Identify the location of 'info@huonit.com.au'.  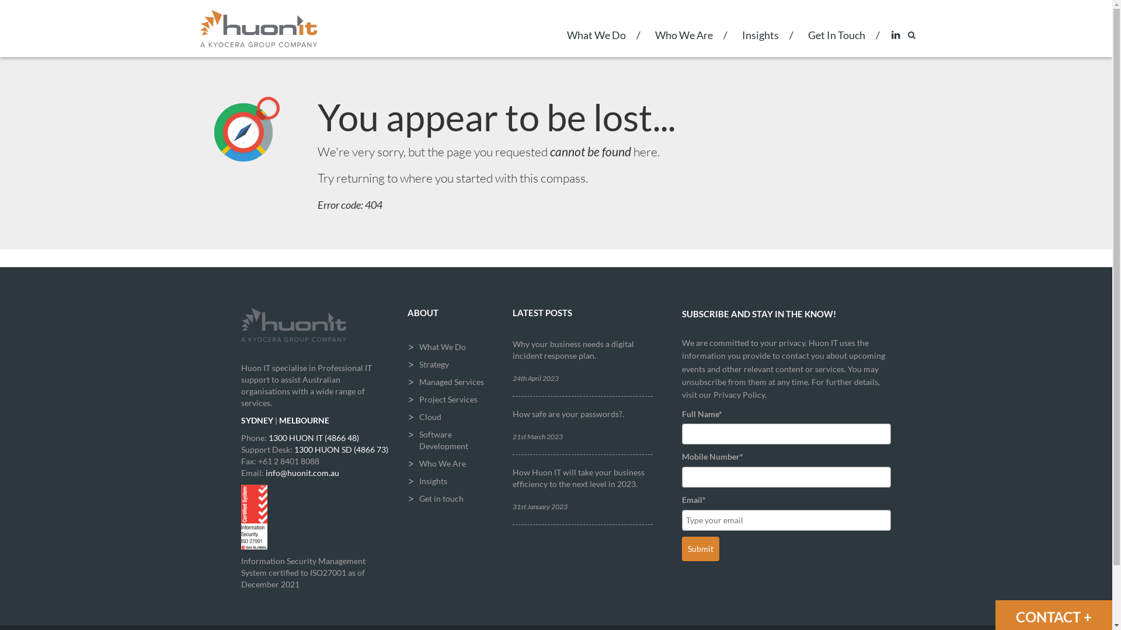
(302, 473).